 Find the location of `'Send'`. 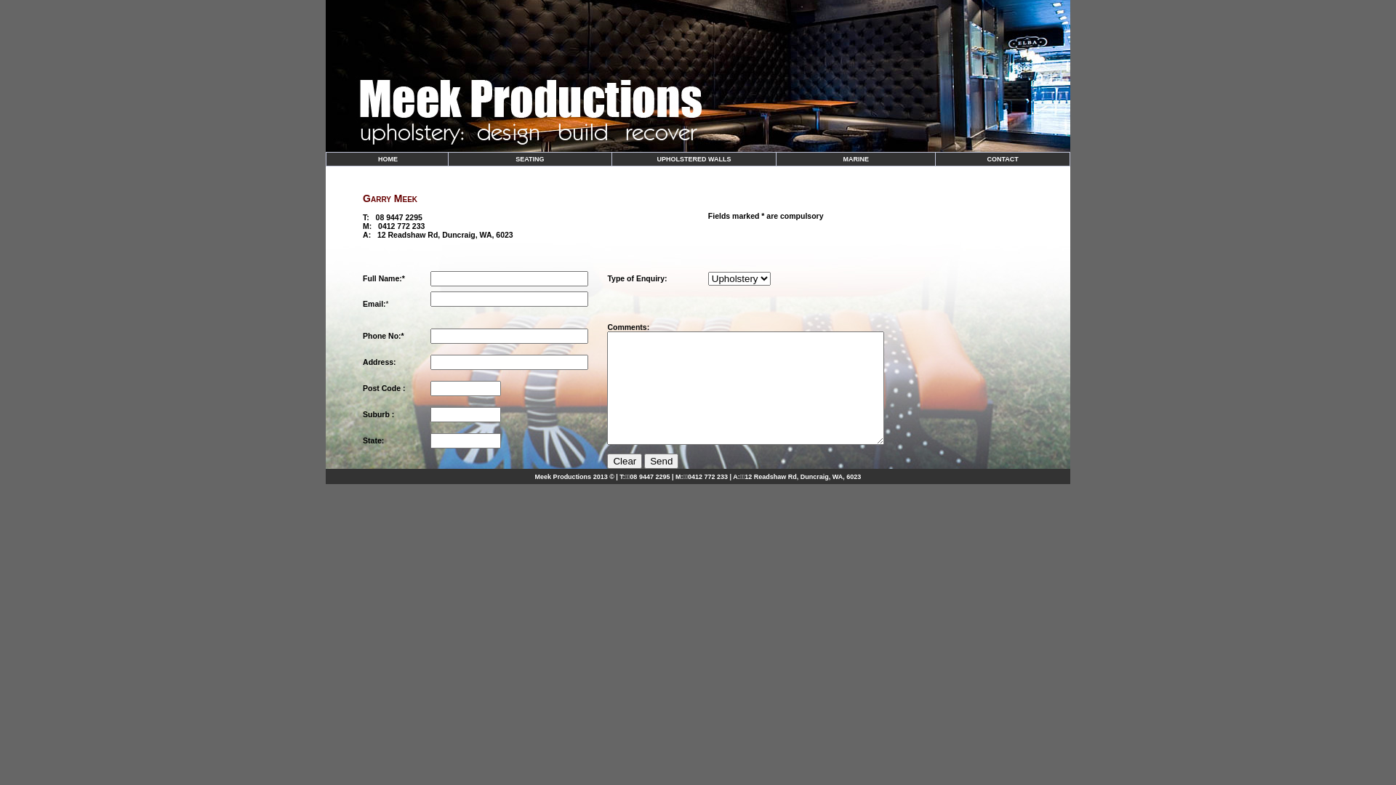

'Send' is located at coordinates (660, 461).